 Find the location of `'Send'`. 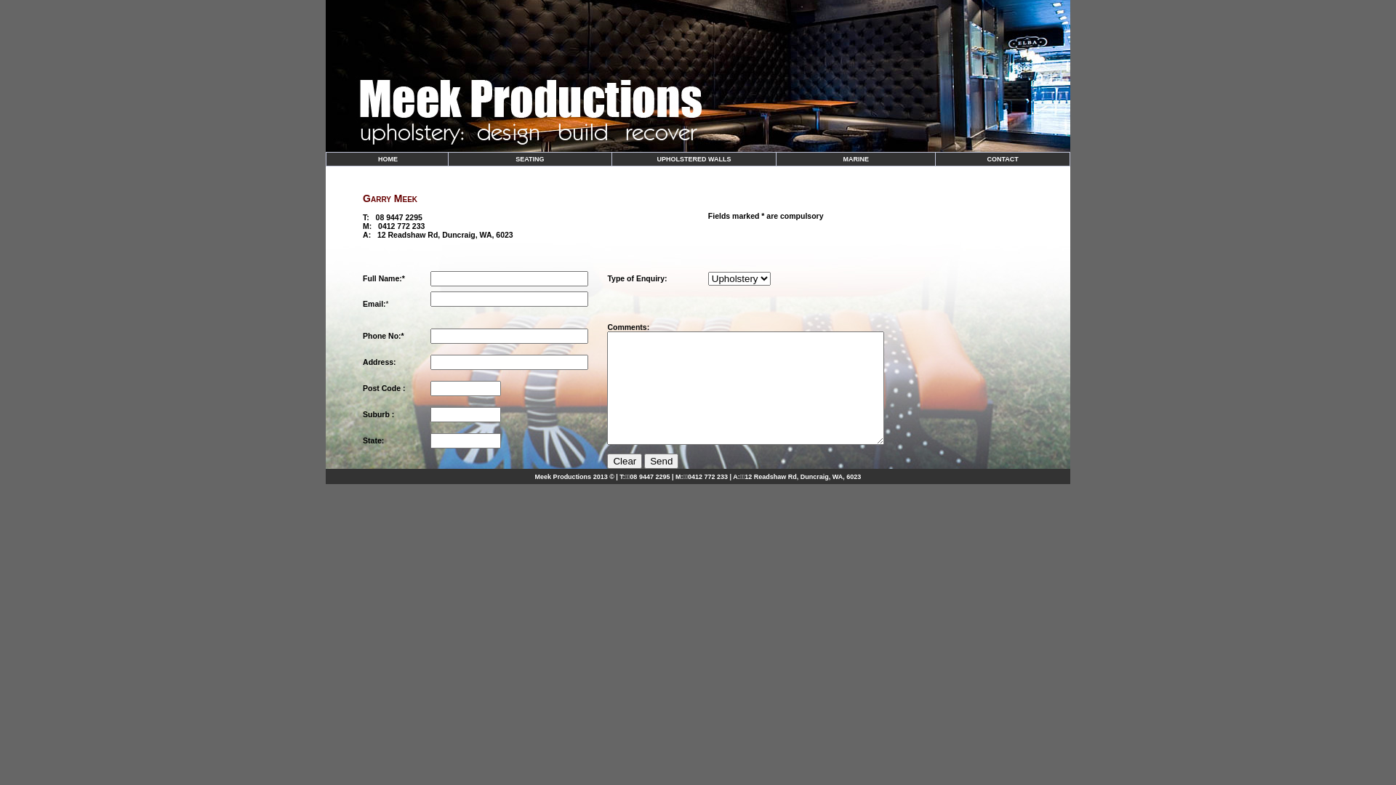

'Send' is located at coordinates (660, 461).